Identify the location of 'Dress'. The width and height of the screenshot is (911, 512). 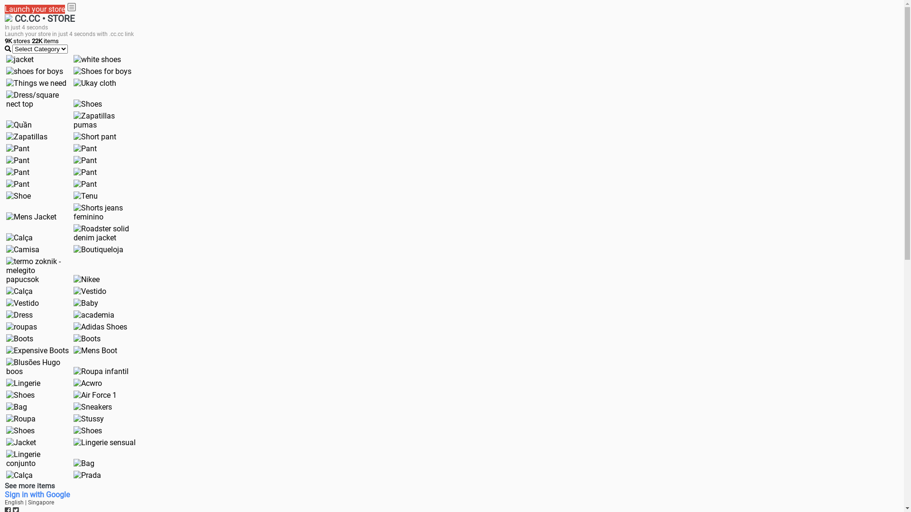
(19, 315).